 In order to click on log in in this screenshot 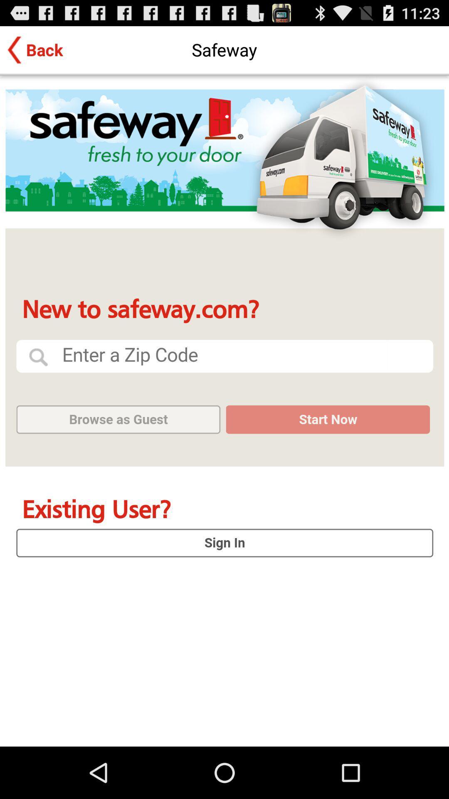, I will do `click(224, 411)`.